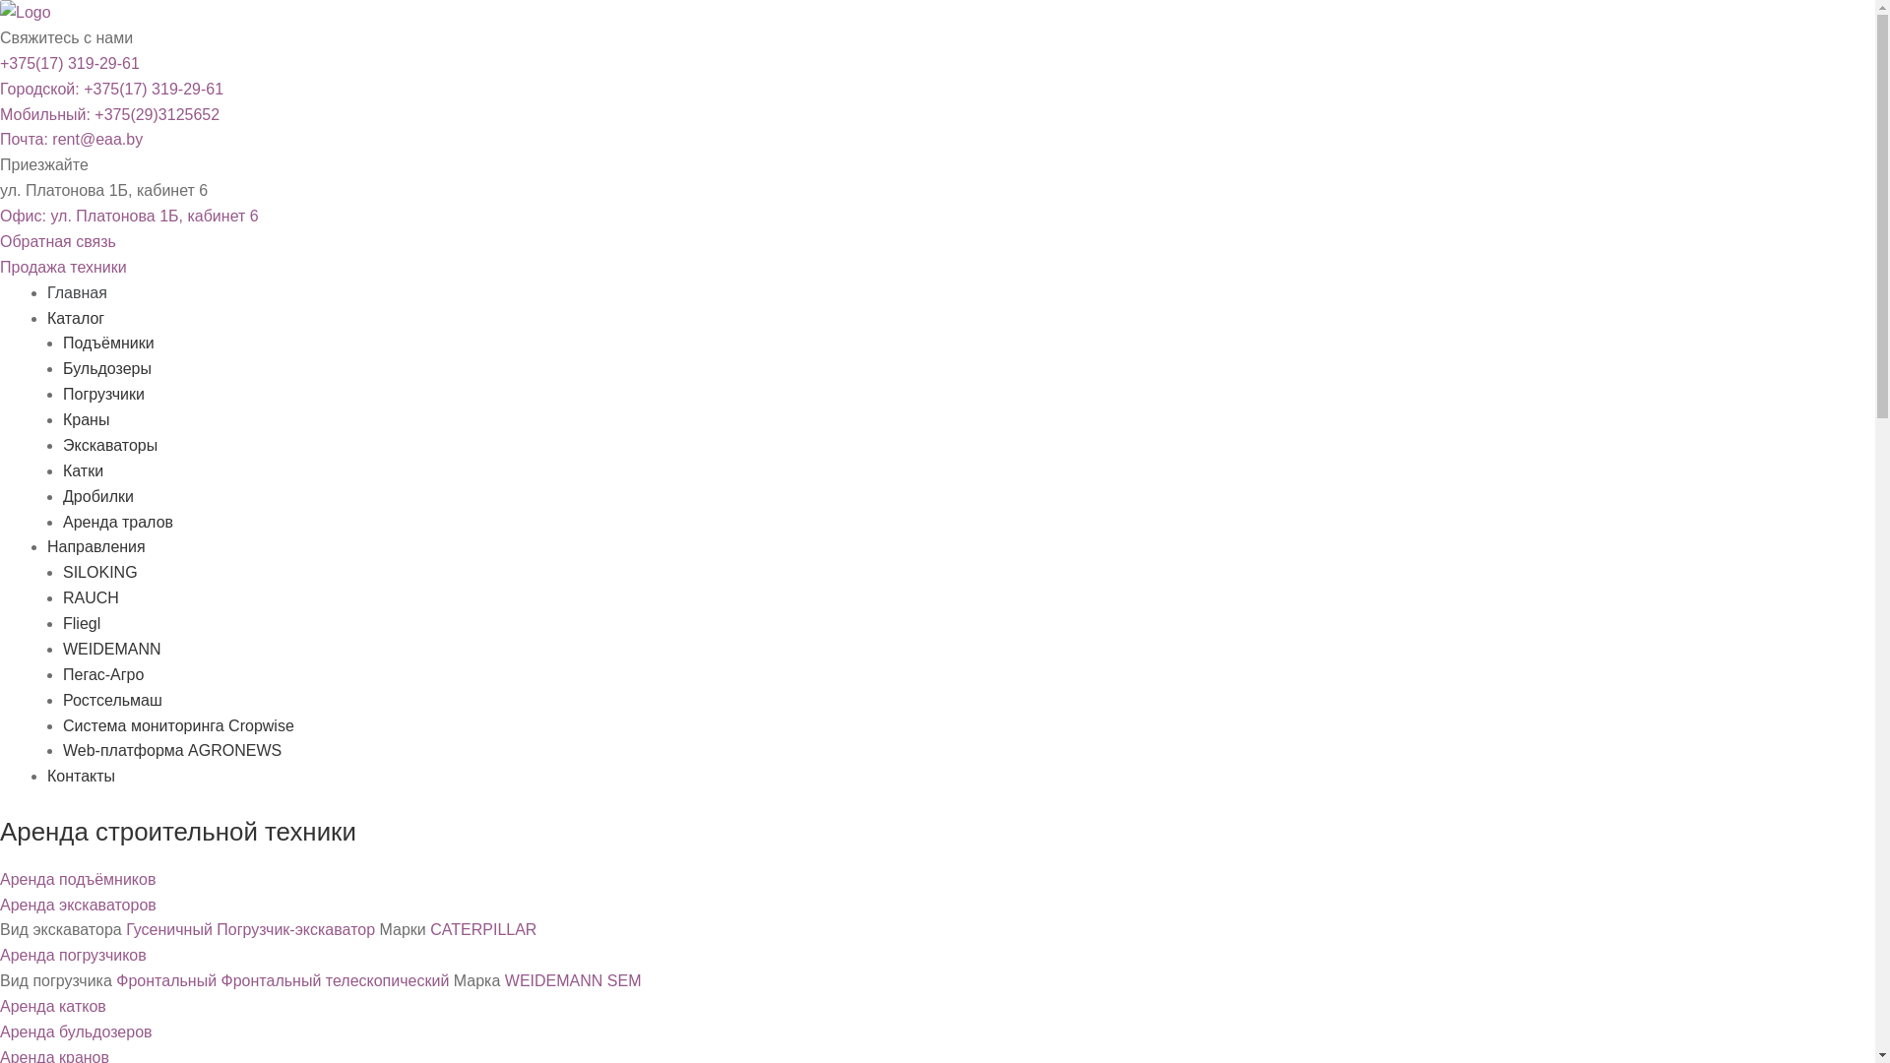  I want to click on 'SILOKING', so click(62, 572).